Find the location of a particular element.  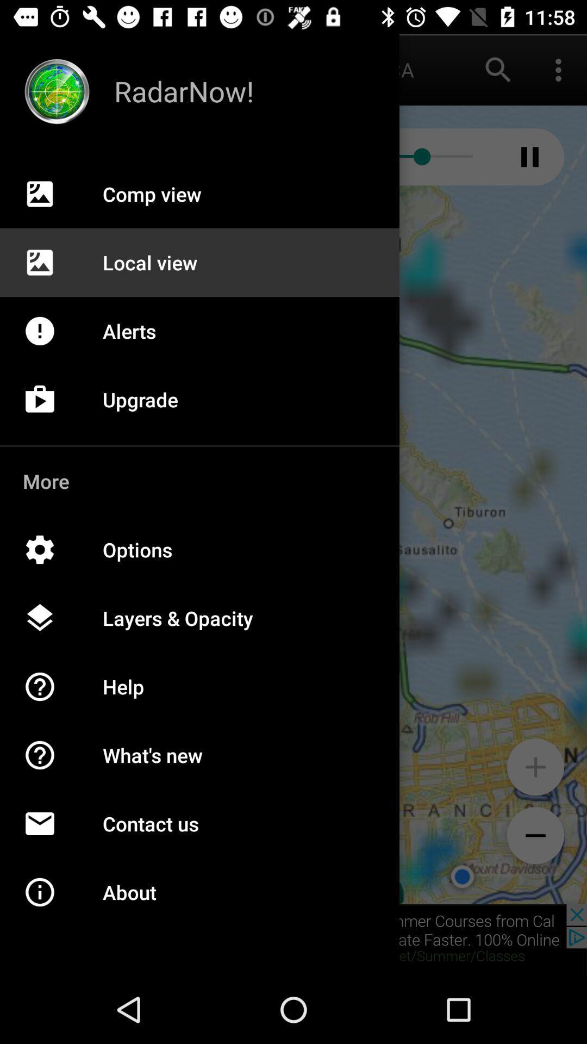

the help icon is located at coordinates (51, 766).